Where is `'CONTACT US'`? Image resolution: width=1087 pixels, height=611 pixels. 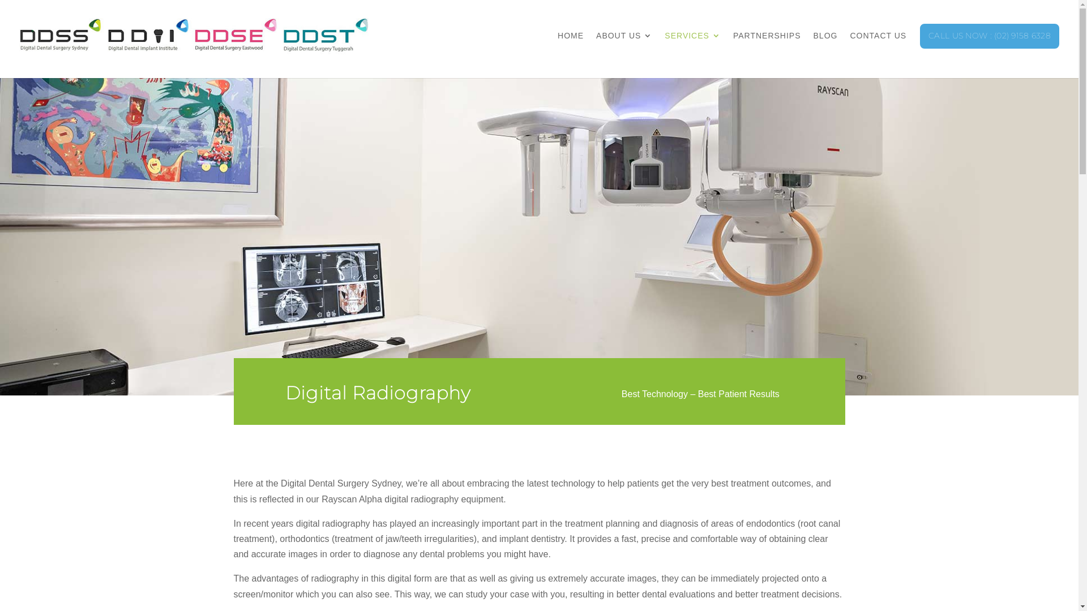 'CONTACT US' is located at coordinates (877, 46).